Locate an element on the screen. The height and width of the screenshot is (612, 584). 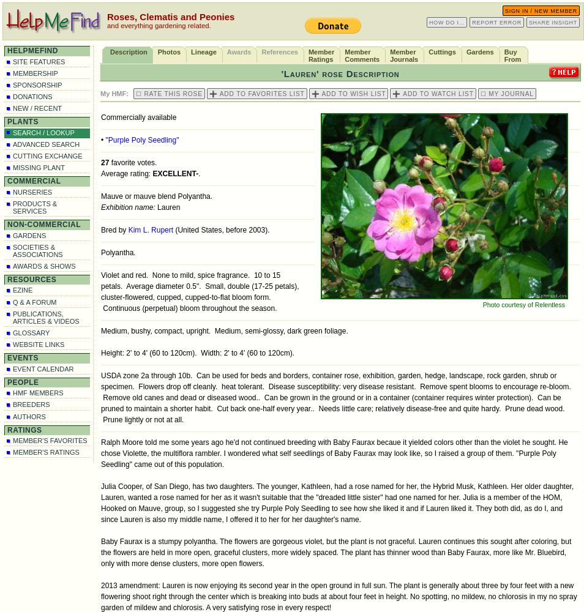
'Ralph Moore told me some years ago he'd not continued breeding with Baby Faurax becaue it yielded colors other than the violet he sought. He chose Violette, the multiflora rambler. I wondered what self seedlings of Baby Faurax may look like, so I raised a group of them. "Purple Poly Seedling" came out of this population.' is located at coordinates (333, 453).